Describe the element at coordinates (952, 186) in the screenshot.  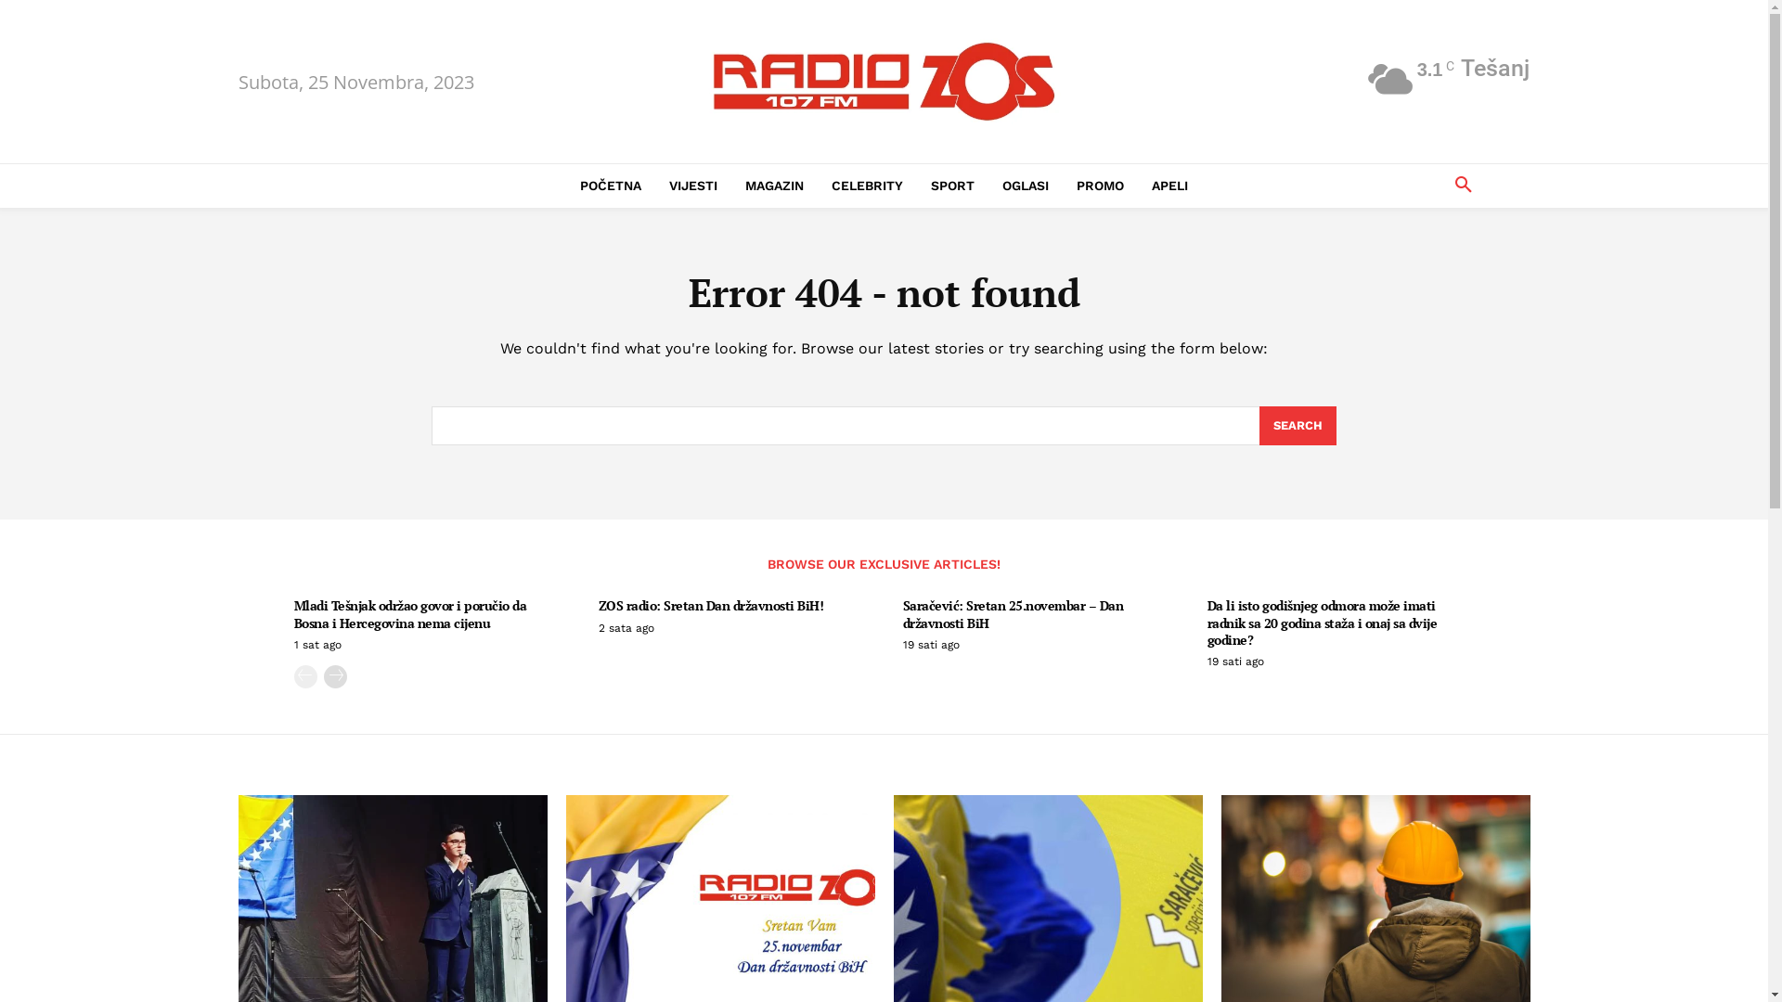
I see `'SPORT'` at that location.